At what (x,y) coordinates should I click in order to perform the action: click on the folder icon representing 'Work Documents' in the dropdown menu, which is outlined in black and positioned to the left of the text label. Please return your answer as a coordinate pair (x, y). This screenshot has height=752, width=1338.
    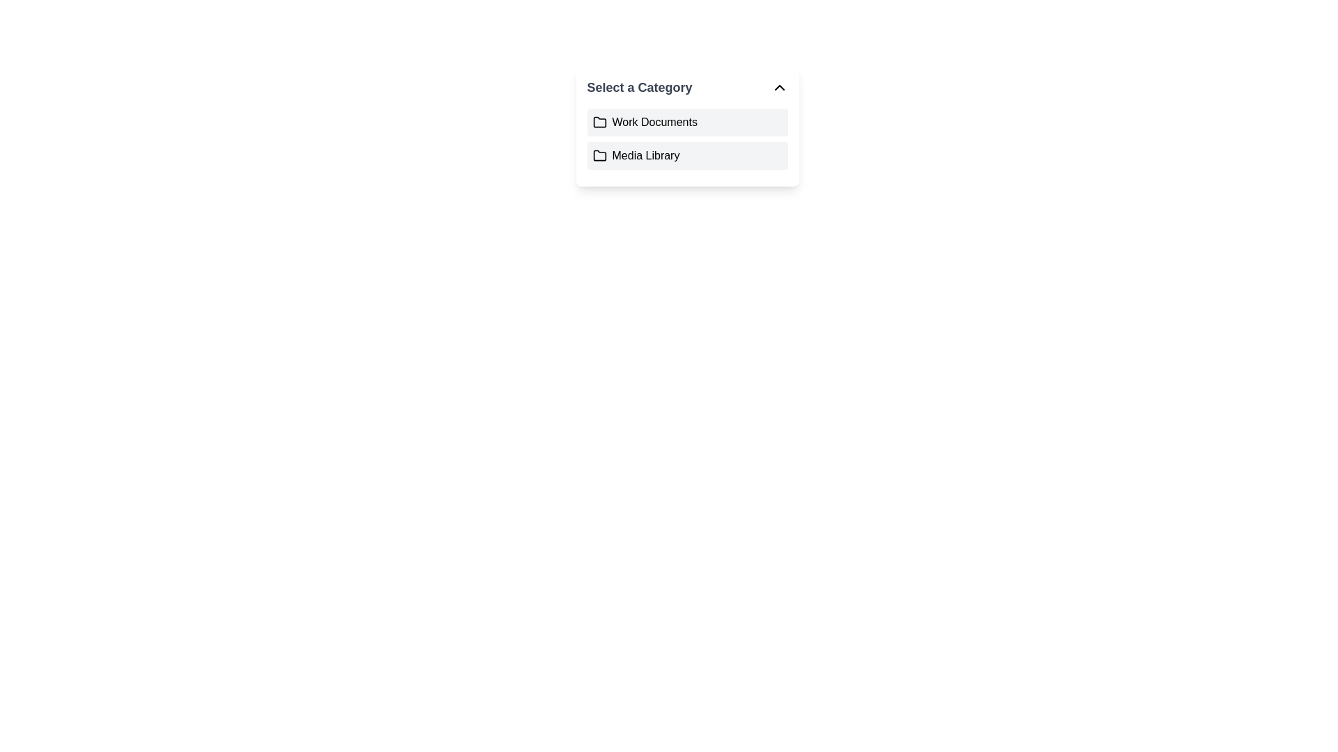
    Looking at the image, I should click on (599, 122).